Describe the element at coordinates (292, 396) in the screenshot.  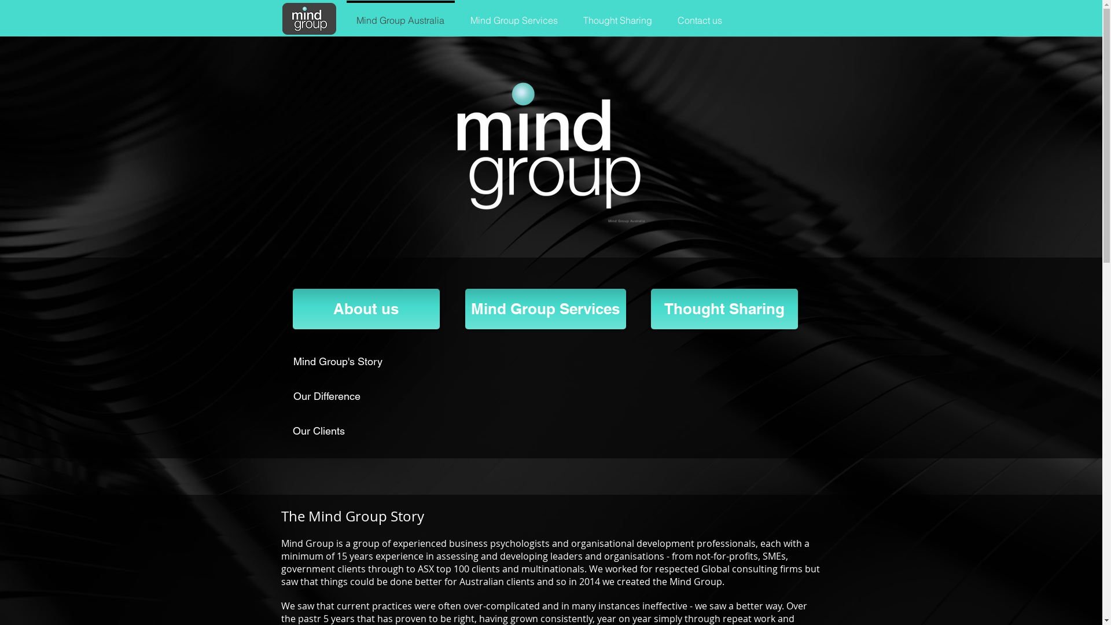
I see `'Our Difference'` at that location.